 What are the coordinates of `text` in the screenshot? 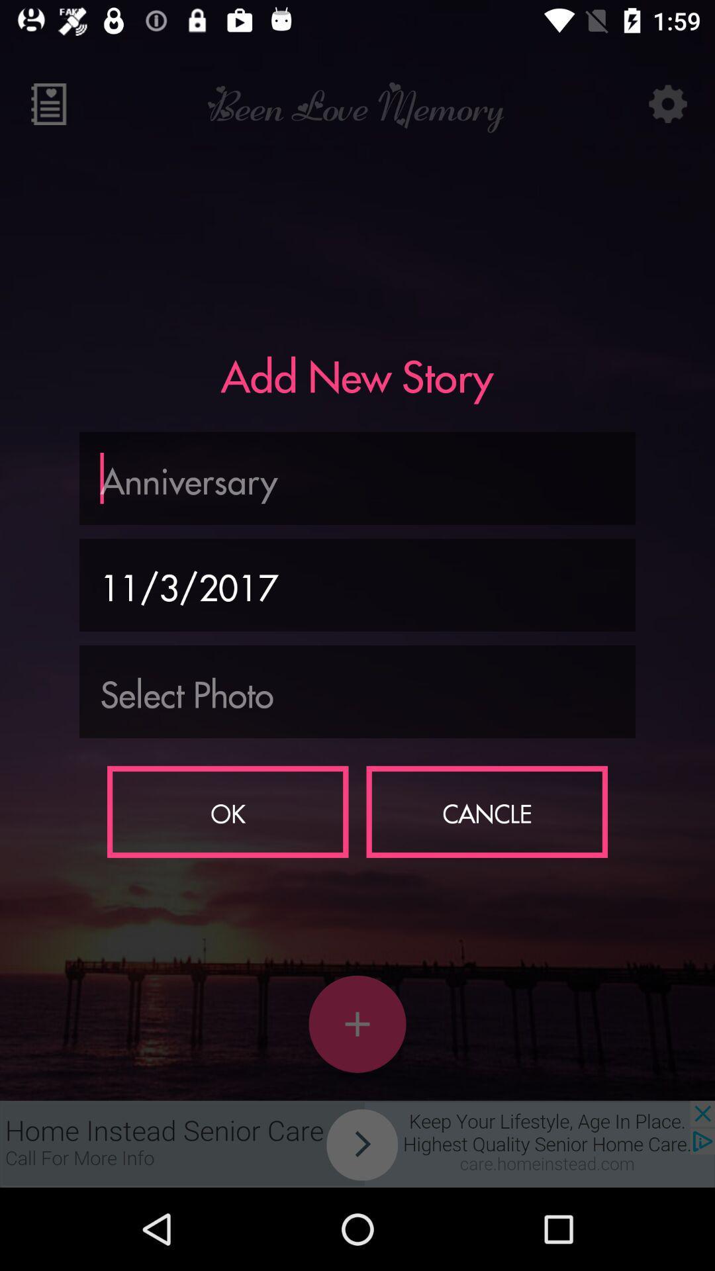 It's located at (358, 477).